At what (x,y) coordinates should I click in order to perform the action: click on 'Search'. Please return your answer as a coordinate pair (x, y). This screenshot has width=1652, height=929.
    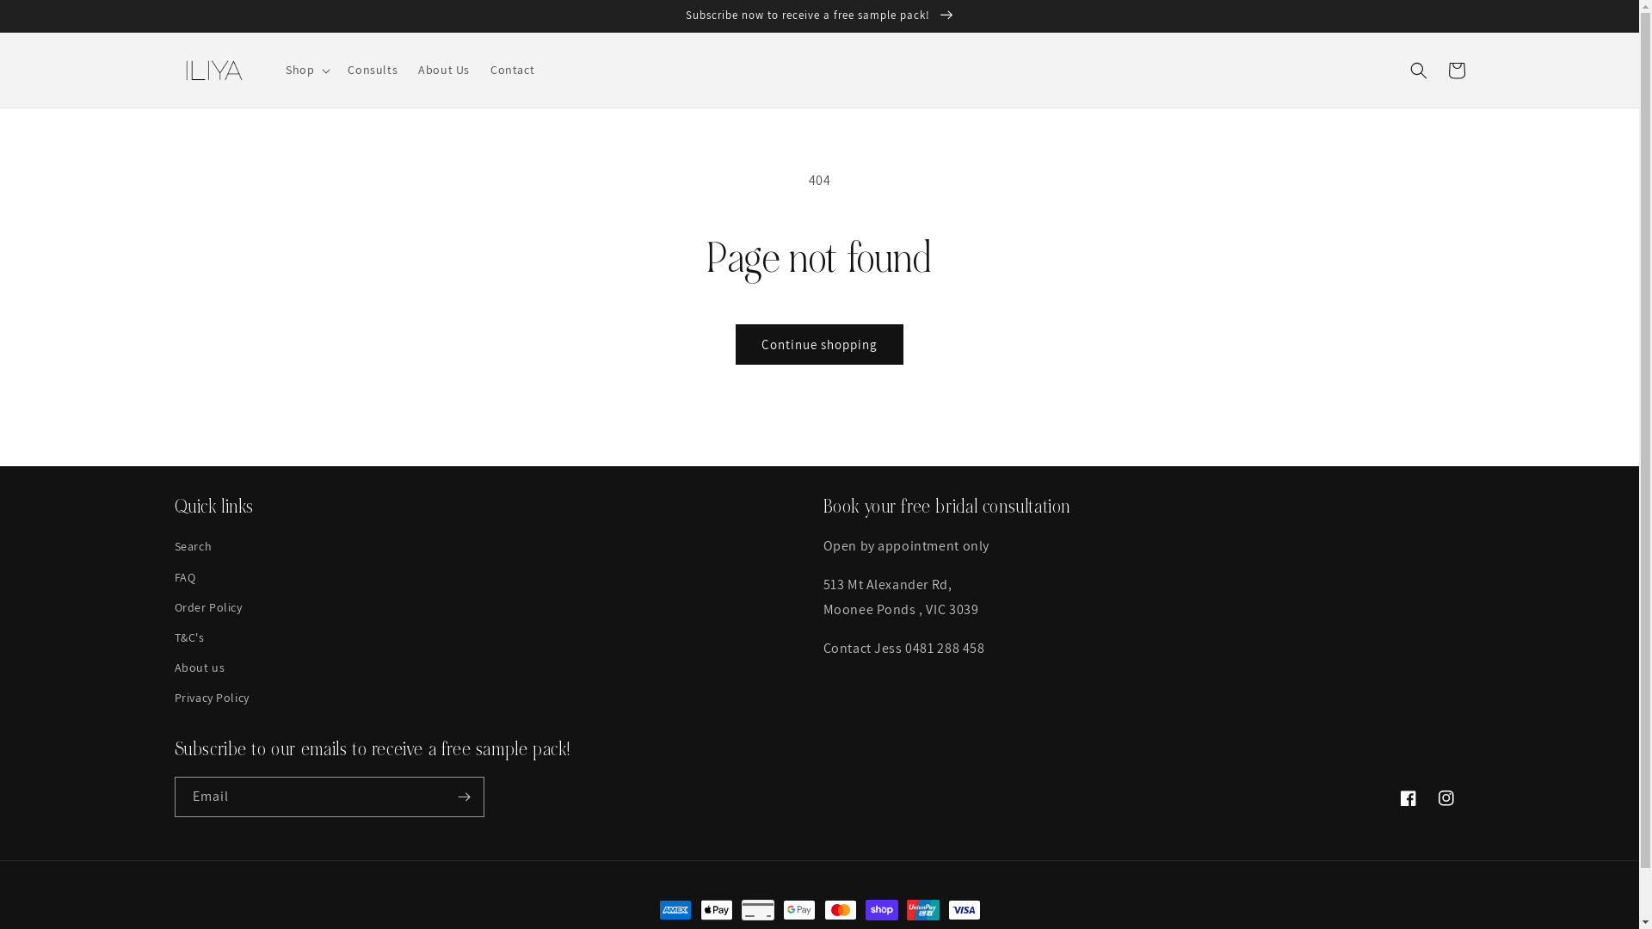
    Looking at the image, I should click on (173, 548).